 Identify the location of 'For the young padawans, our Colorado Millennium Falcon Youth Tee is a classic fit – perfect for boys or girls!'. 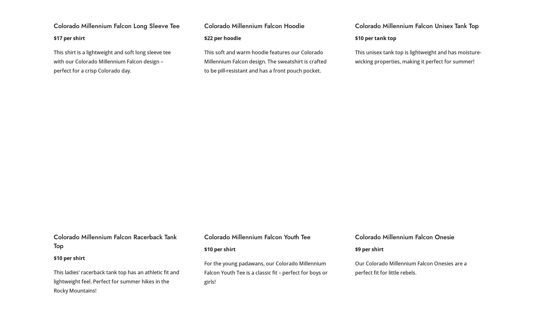
(266, 272).